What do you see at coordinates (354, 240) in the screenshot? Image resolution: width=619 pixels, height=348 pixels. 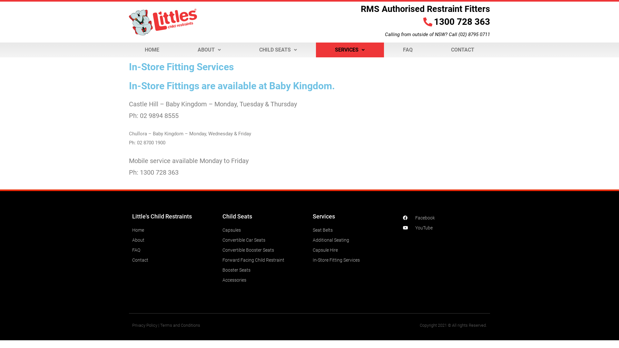 I see `'Additional Seating'` at bounding box center [354, 240].